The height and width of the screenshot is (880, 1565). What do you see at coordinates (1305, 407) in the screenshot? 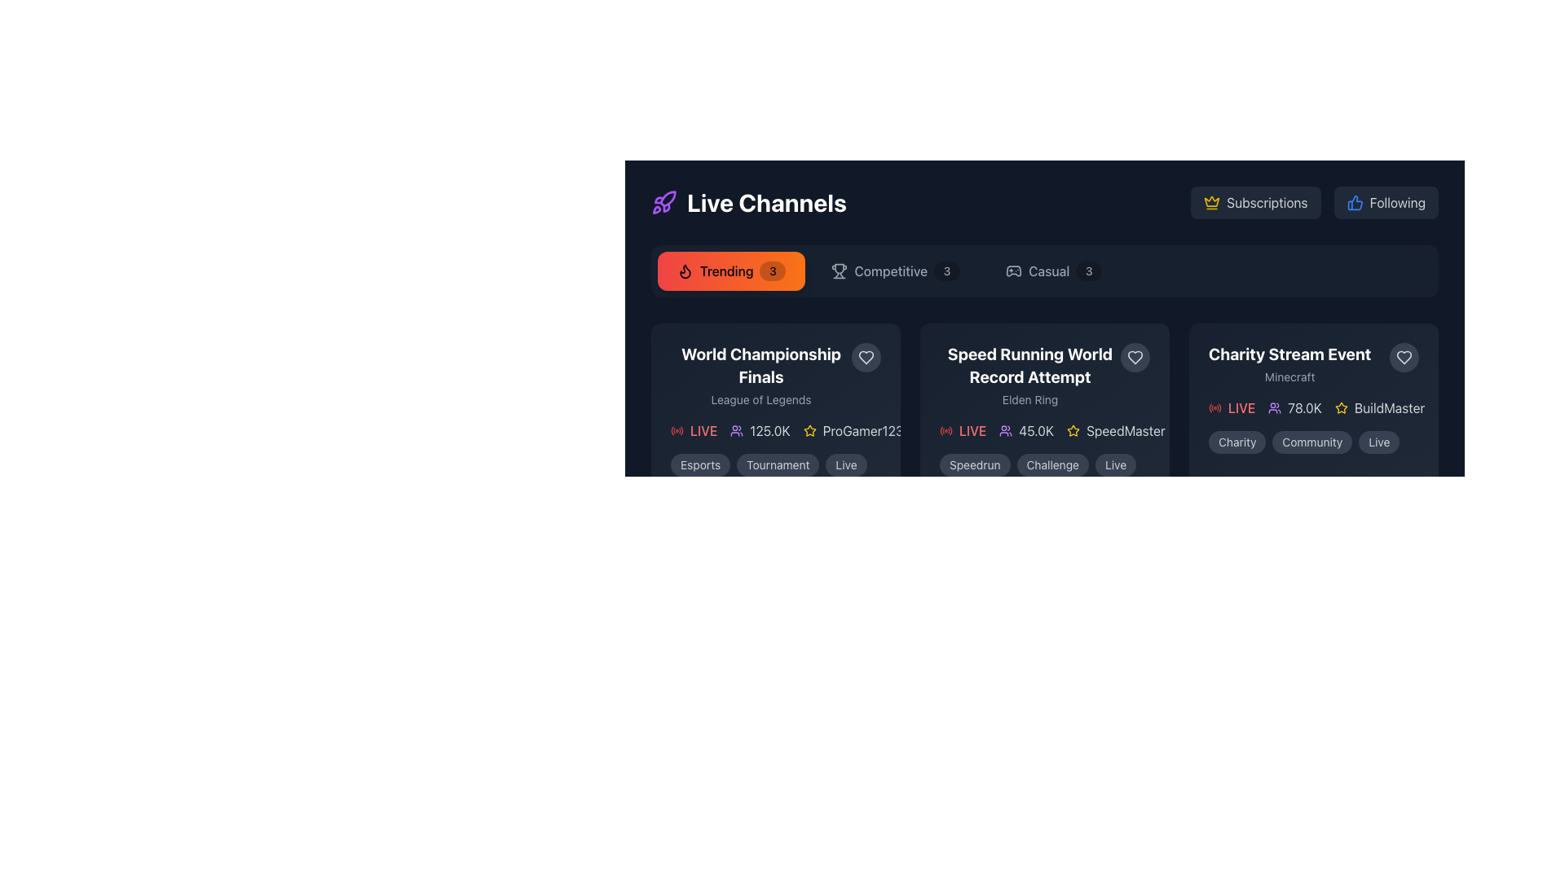
I see `the Text label displaying '78.0K' in gray font color, located centrally in the bottom line of the 'Charity Stream Event' card` at bounding box center [1305, 407].